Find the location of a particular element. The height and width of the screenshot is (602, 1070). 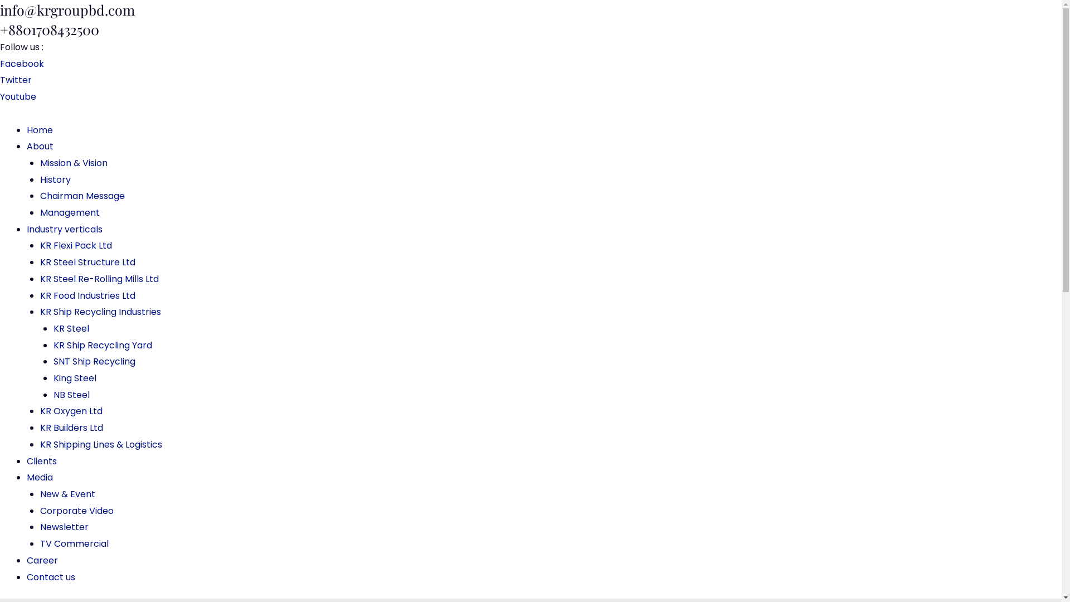

'KR Steel' is located at coordinates (71, 328).